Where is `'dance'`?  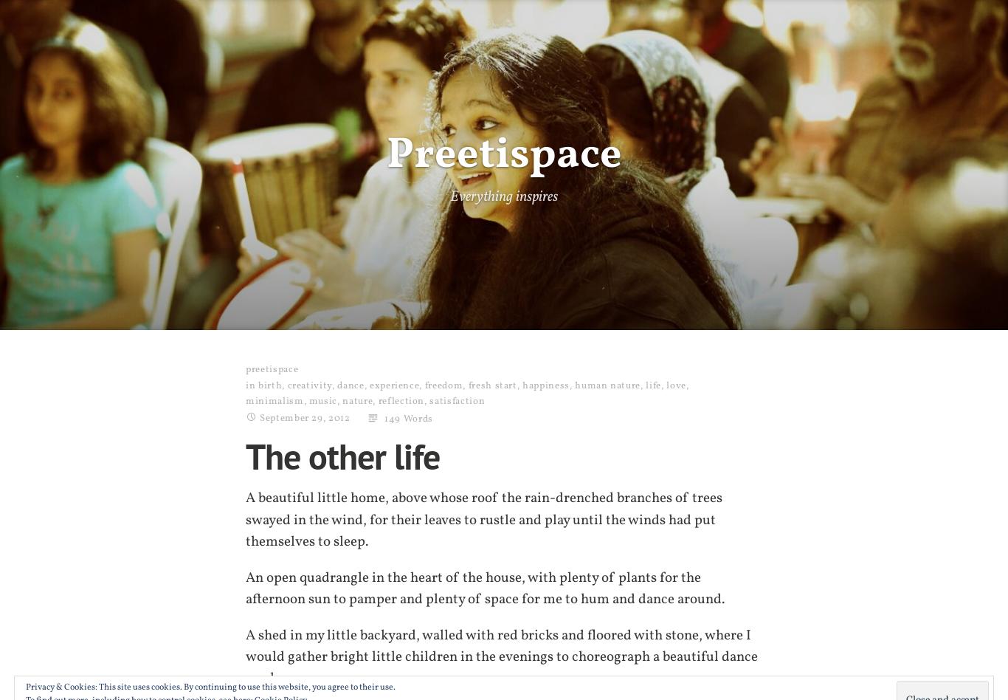
'dance' is located at coordinates (350, 385).